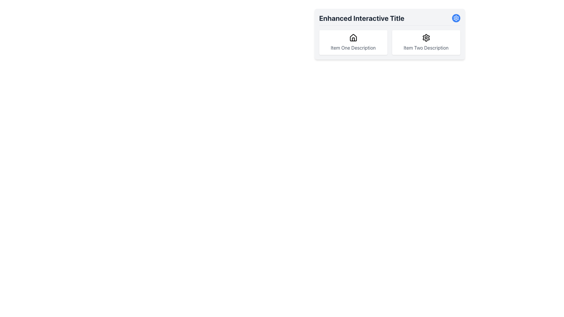 Image resolution: width=564 pixels, height=317 pixels. I want to click on the settings icon button located in the top-right corner of the 'Enhanced Interactive Title' card, so click(456, 18).